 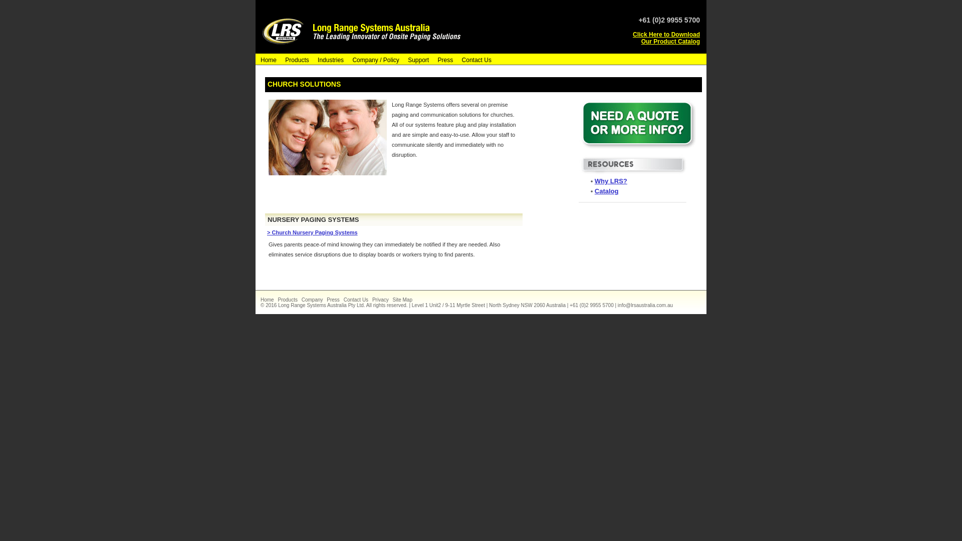 What do you see at coordinates (606, 191) in the screenshot?
I see `'Catalog'` at bounding box center [606, 191].